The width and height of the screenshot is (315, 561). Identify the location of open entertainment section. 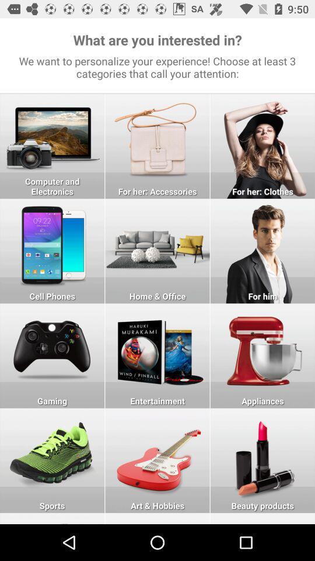
(157, 355).